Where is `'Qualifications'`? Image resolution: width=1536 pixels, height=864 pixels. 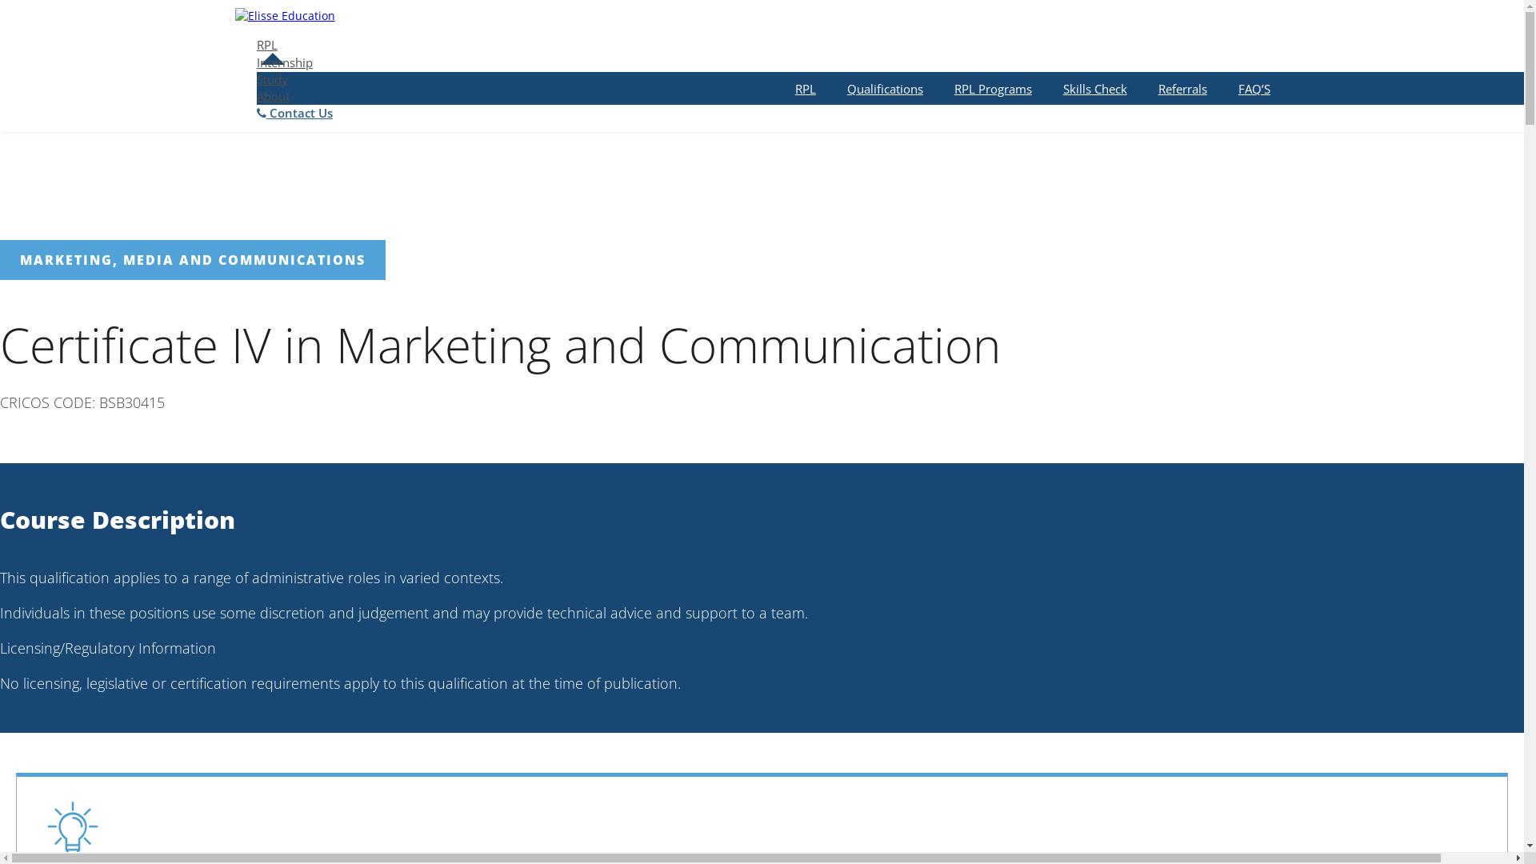 'Qualifications' is located at coordinates (884, 89).